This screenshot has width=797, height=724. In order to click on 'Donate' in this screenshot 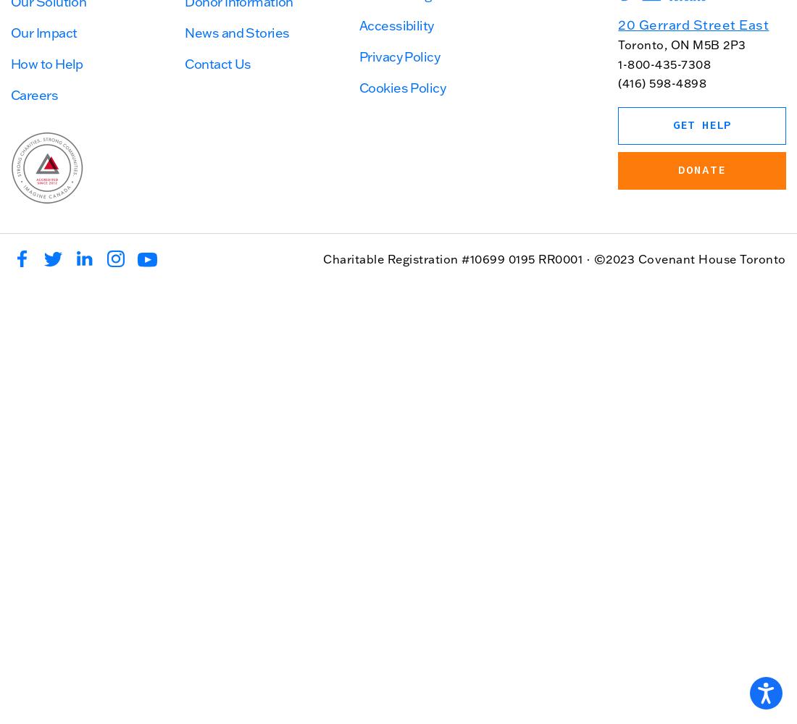, I will do `click(701, 169)`.